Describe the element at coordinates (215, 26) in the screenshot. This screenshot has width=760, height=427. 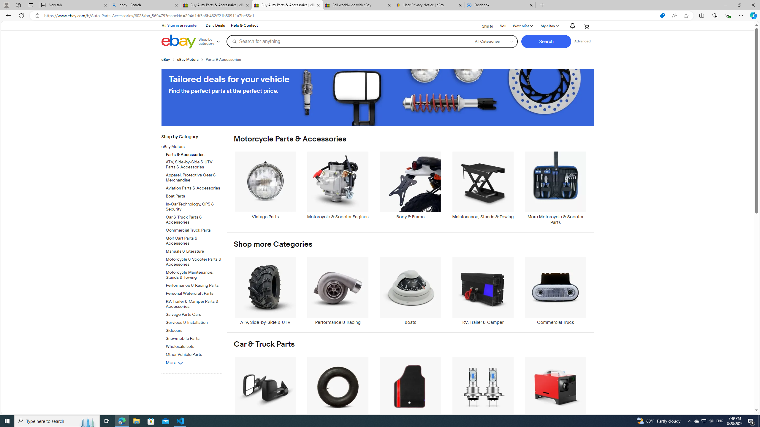
I see `'Daily Deals'` at that location.